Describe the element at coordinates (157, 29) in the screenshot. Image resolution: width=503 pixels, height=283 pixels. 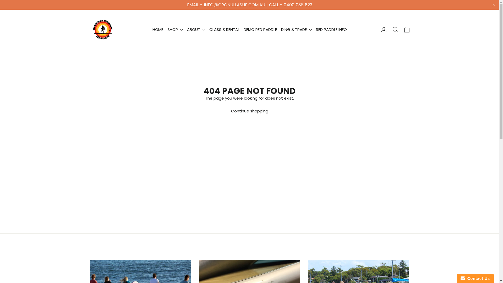
I see `'HOME'` at that location.